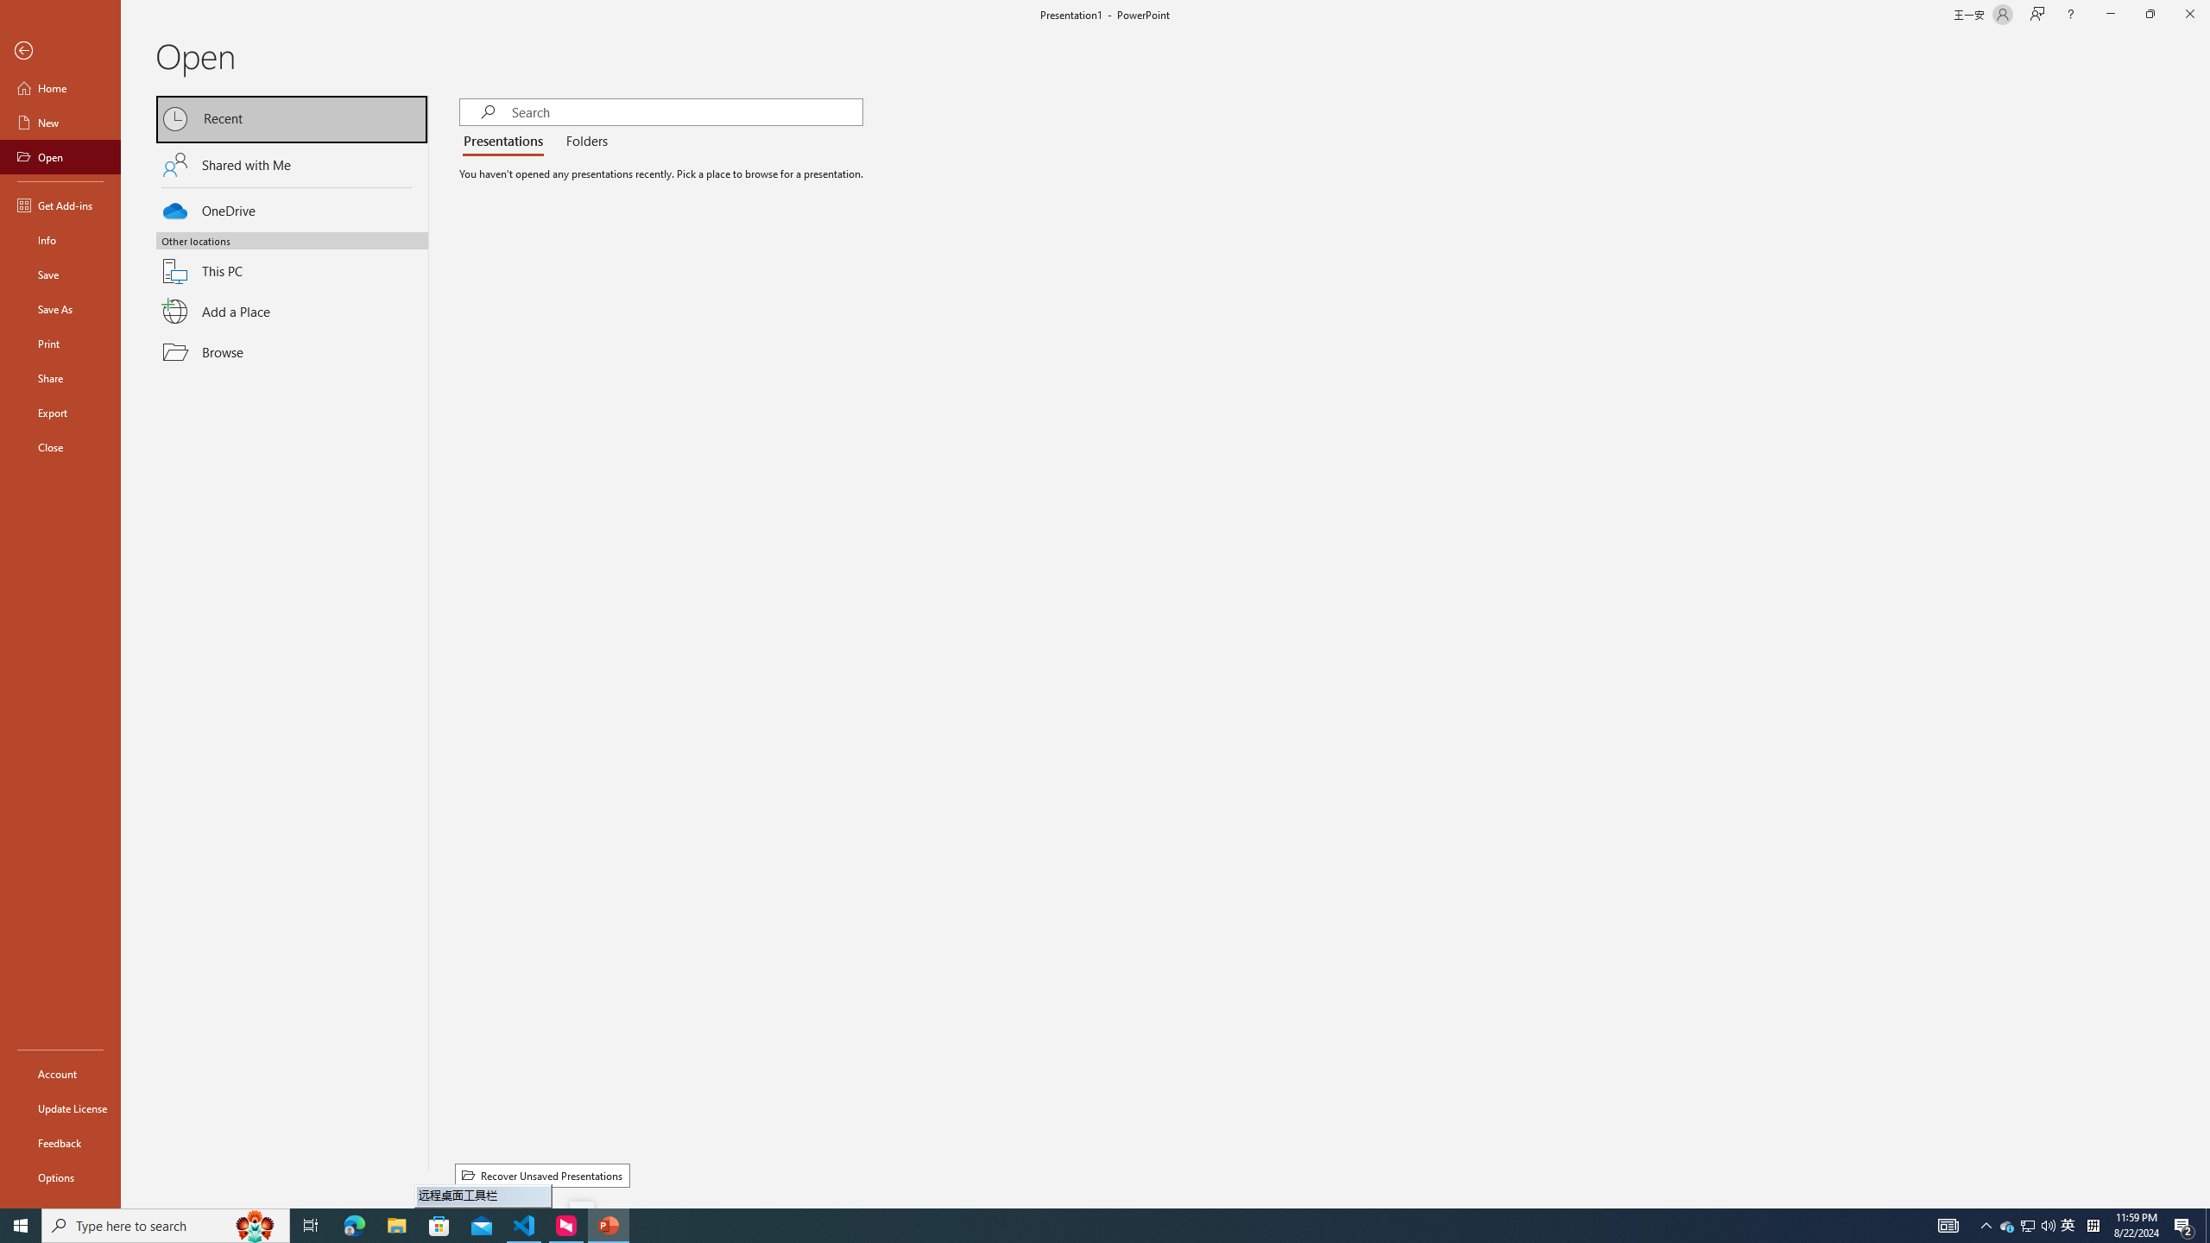 The width and height of the screenshot is (2210, 1243). Describe the element at coordinates (60, 50) in the screenshot. I see `'Back'` at that location.